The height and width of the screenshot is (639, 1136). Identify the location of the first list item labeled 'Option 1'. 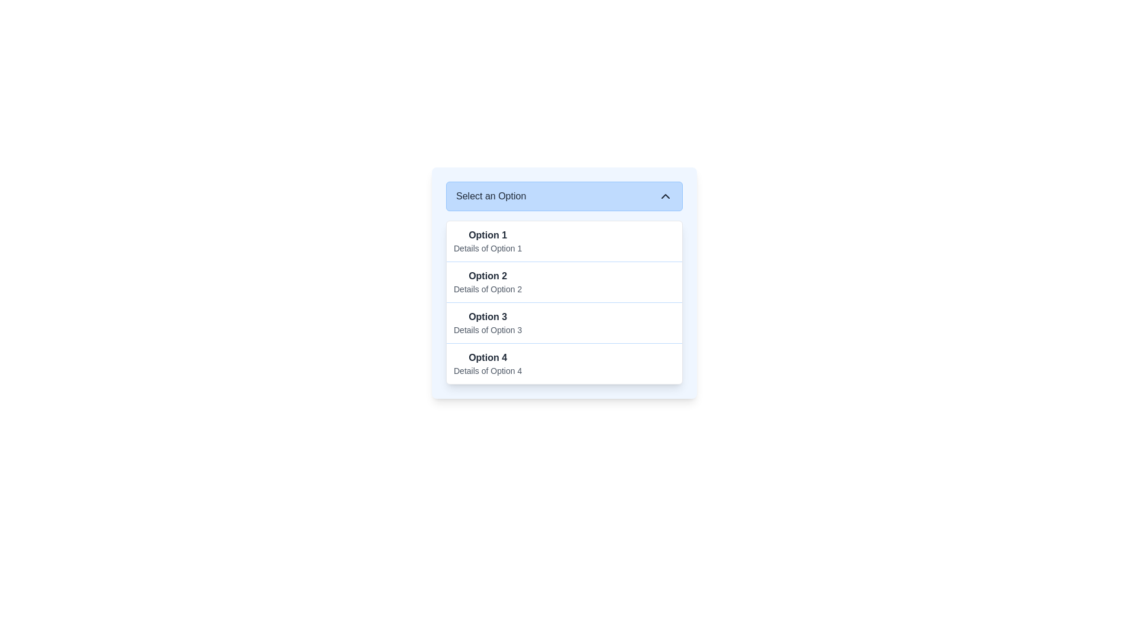
(564, 241).